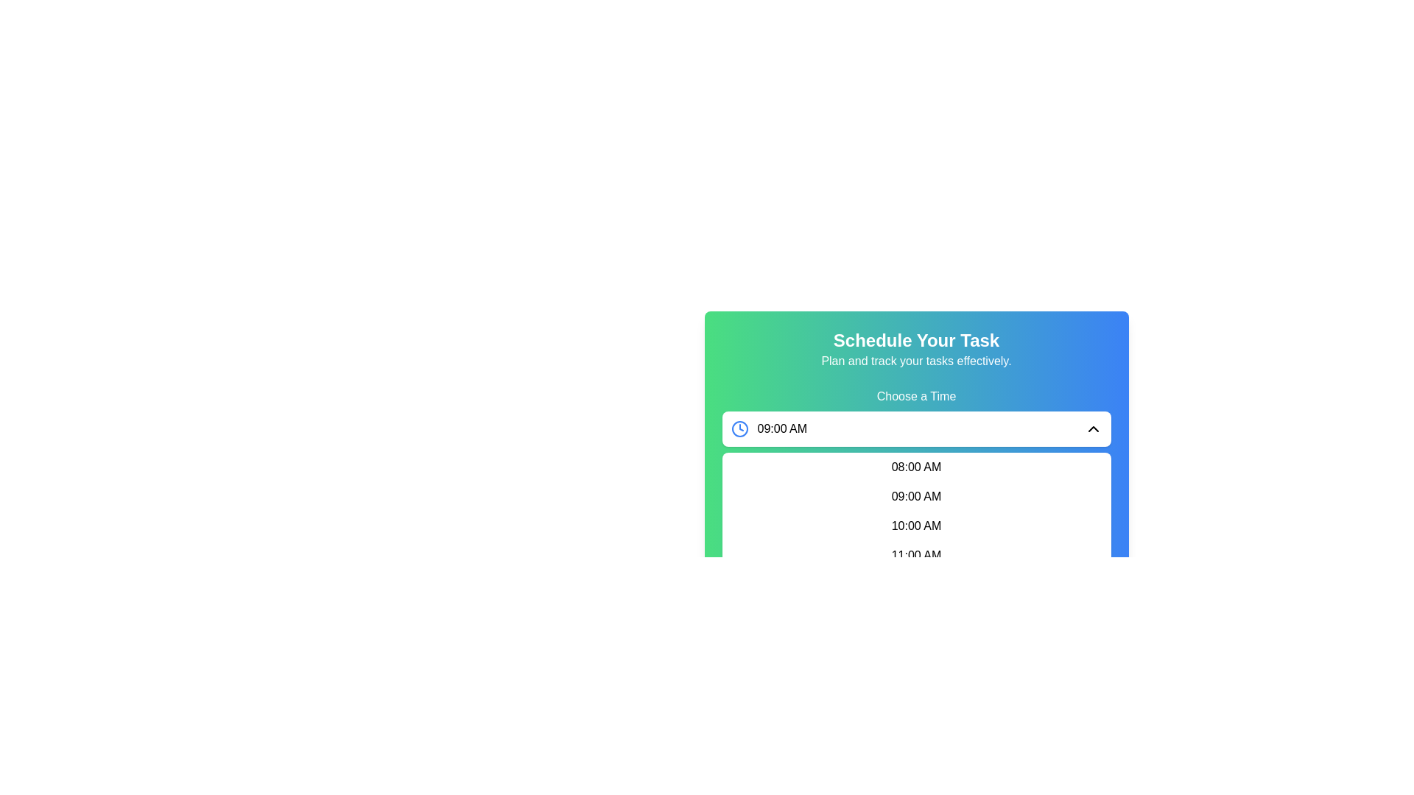 The width and height of the screenshot is (1414, 795). I want to click on text content of the label displaying 'Schedule Your Task' at the top of the section with a gradient background, so click(915, 340).